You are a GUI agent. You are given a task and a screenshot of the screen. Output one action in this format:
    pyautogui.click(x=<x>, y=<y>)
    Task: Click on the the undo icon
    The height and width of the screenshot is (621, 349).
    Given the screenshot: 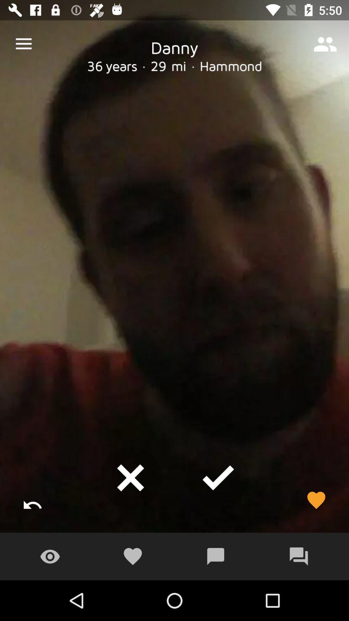 What is the action you would take?
    pyautogui.click(x=33, y=500)
    